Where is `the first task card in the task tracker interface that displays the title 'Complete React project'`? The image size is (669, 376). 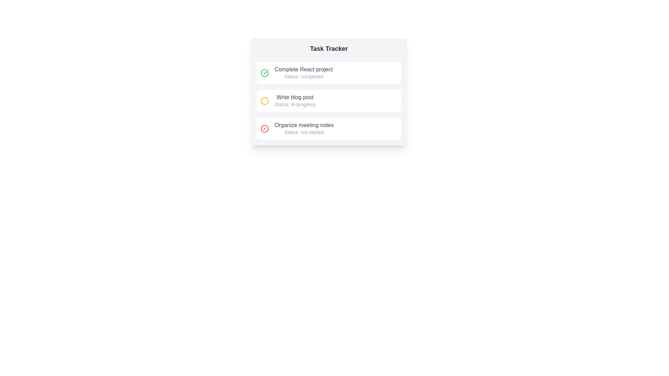 the first task card in the task tracker interface that displays the title 'Complete React project' is located at coordinates (329, 73).